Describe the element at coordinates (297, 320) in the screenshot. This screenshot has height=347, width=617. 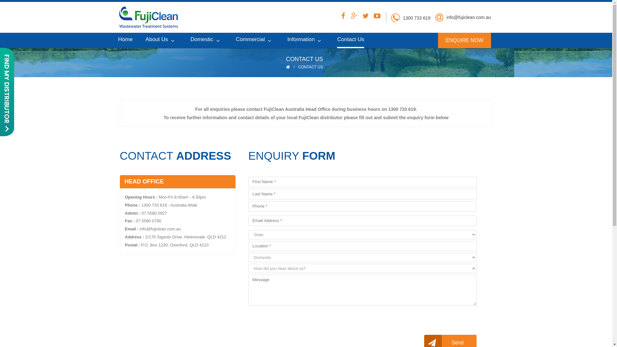
I see `'reCAPTCHA'` at that location.